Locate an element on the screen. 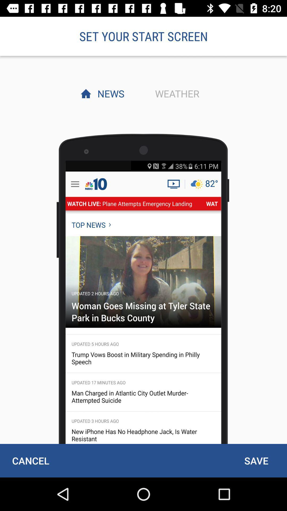  icon at the bottom left corner is located at coordinates (31, 460).